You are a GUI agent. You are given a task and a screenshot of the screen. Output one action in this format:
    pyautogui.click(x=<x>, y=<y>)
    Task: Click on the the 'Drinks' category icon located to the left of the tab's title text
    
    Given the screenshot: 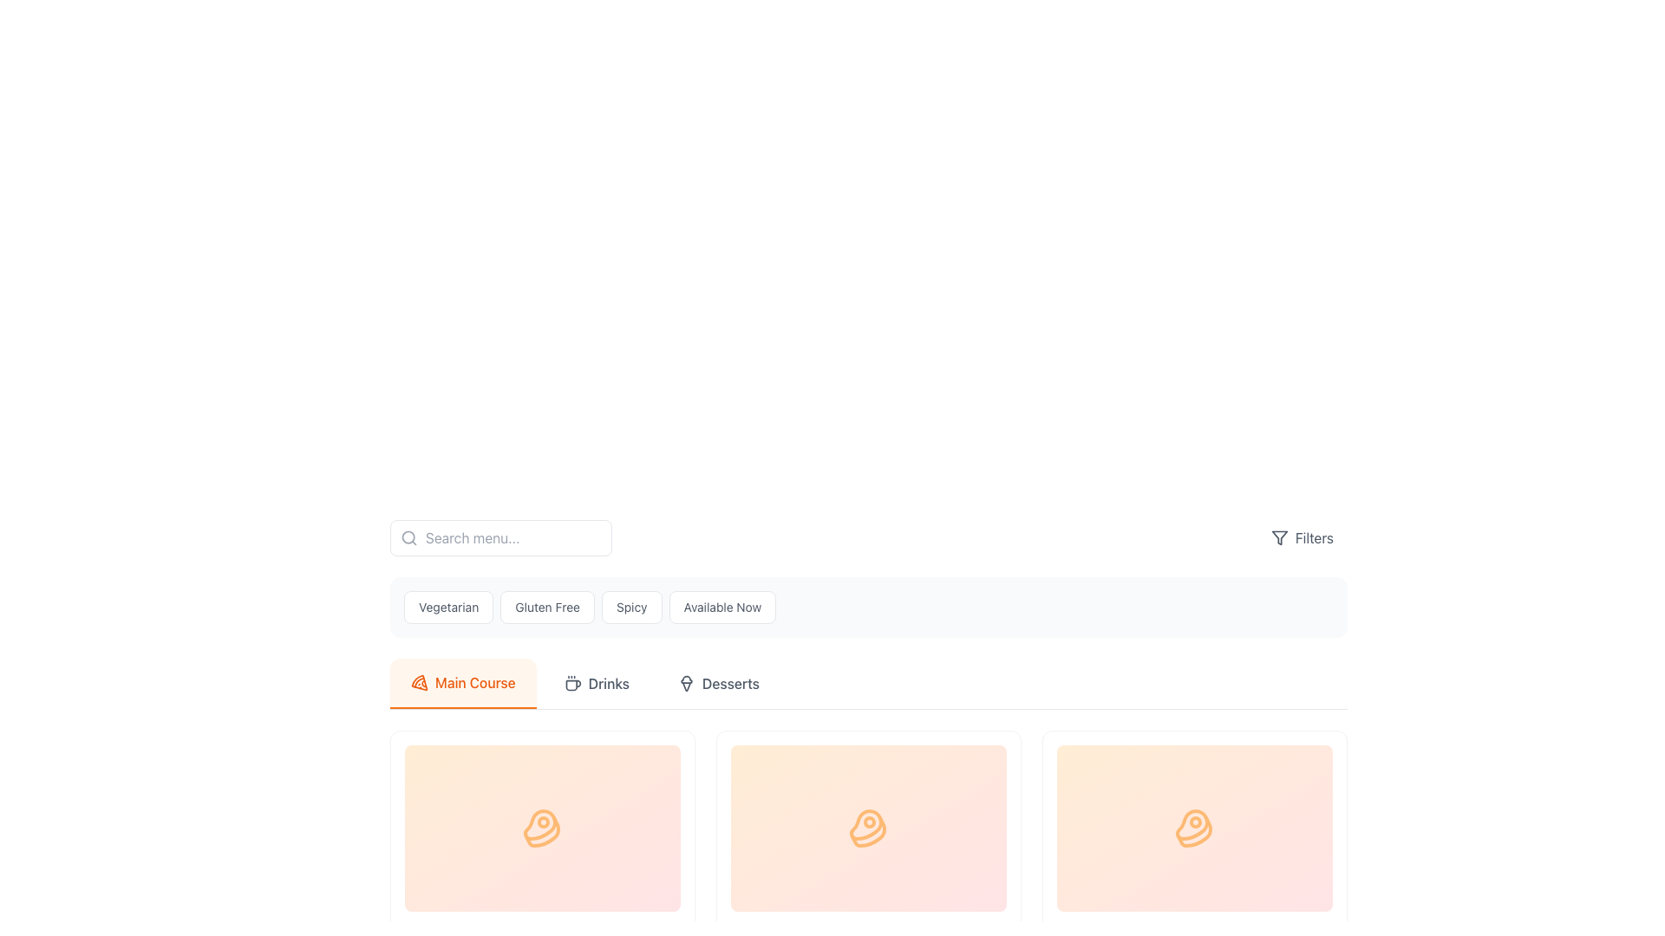 What is the action you would take?
    pyautogui.click(x=572, y=683)
    